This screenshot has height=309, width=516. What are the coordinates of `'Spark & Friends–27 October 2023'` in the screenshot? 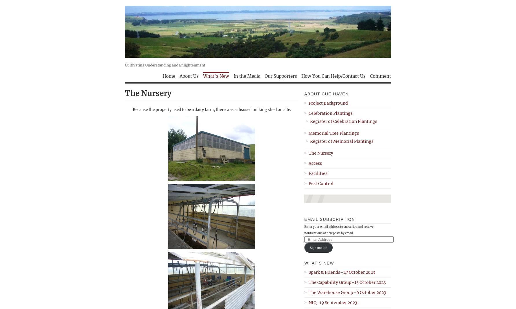 It's located at (342, 272).